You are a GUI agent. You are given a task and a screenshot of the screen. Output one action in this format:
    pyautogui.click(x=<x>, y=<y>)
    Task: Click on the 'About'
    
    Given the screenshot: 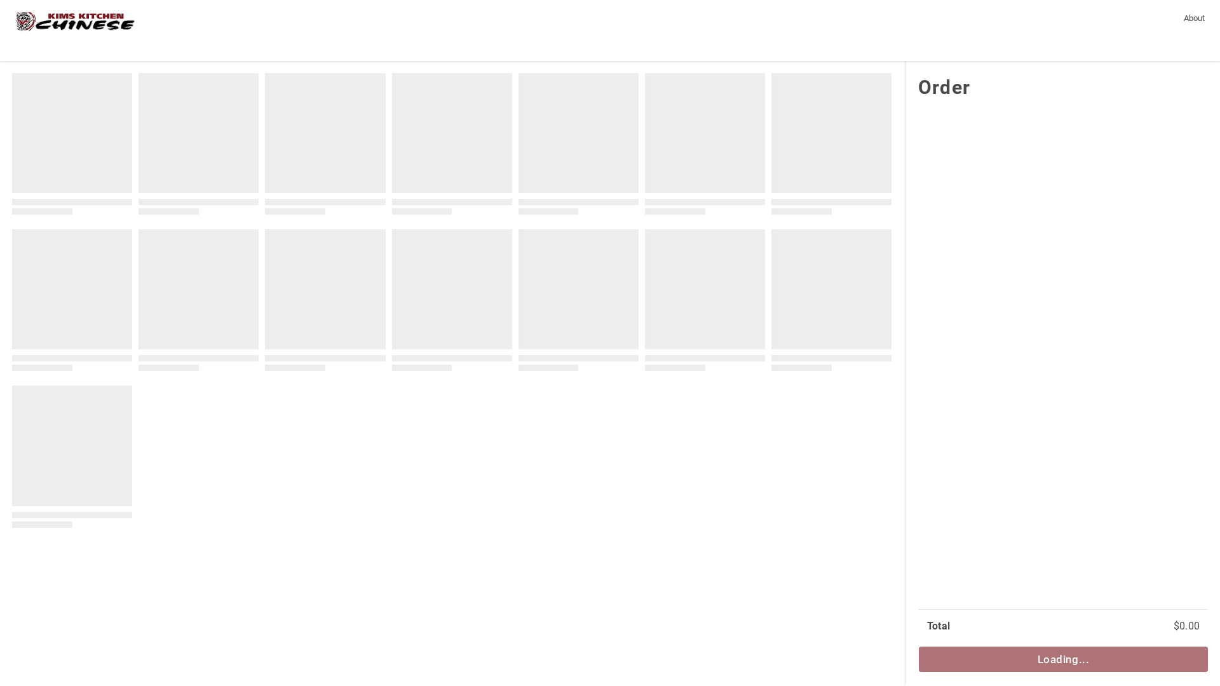 What is the action you would take?
    pyautogui.click(x=1193, y=18)
    